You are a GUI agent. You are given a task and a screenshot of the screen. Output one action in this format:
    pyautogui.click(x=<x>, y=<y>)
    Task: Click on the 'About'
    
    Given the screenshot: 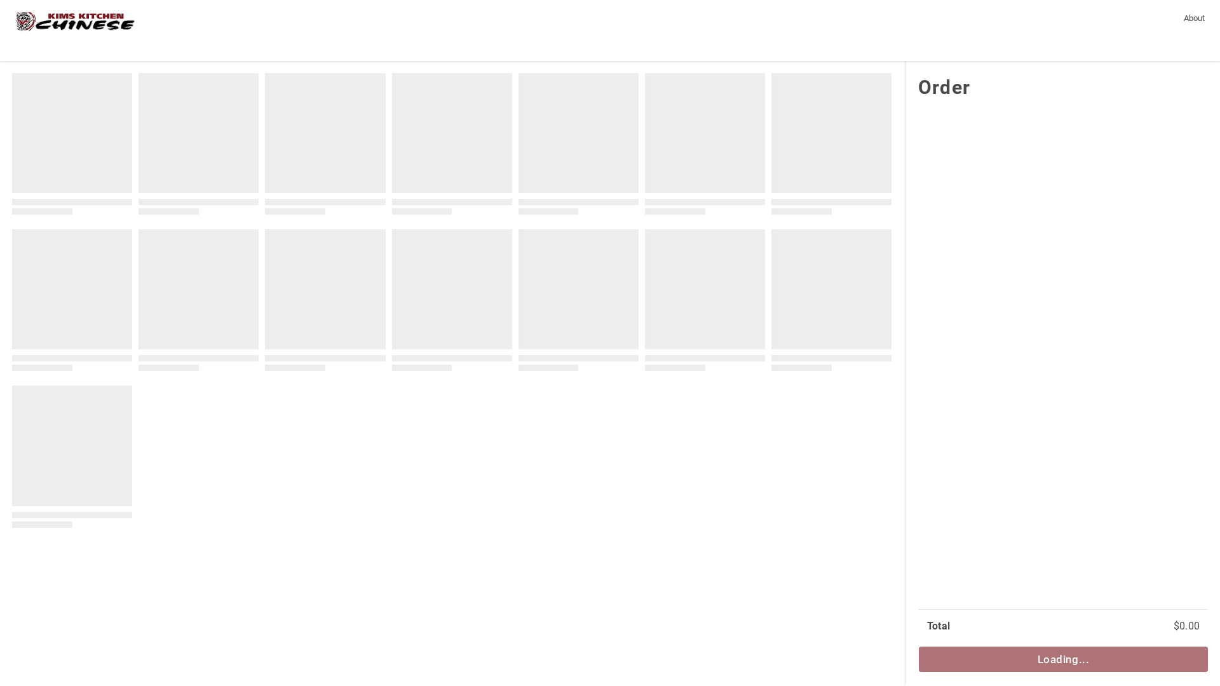 What is the action you would take?
    pyautogui.click(x=1193, y=18)
    